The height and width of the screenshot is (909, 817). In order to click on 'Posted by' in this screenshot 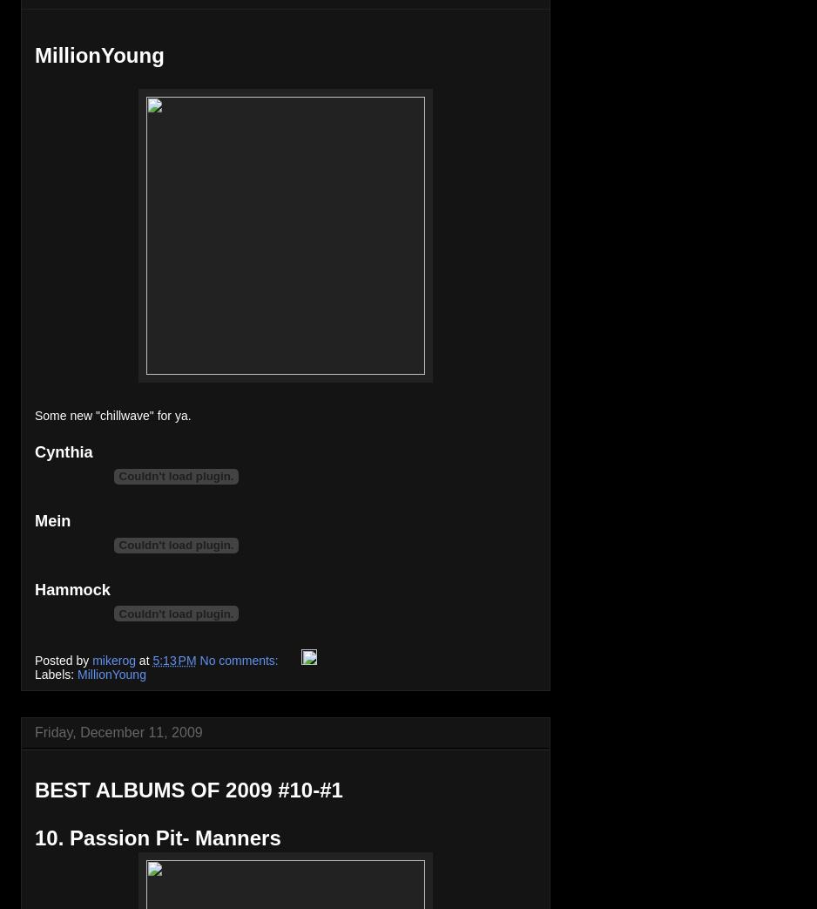, I will do `click(63, 659)`.